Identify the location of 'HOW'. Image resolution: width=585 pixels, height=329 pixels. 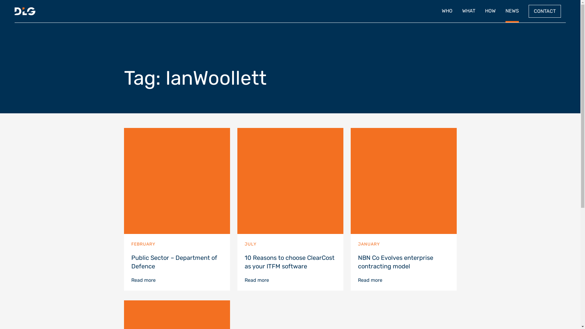
(490, 11).